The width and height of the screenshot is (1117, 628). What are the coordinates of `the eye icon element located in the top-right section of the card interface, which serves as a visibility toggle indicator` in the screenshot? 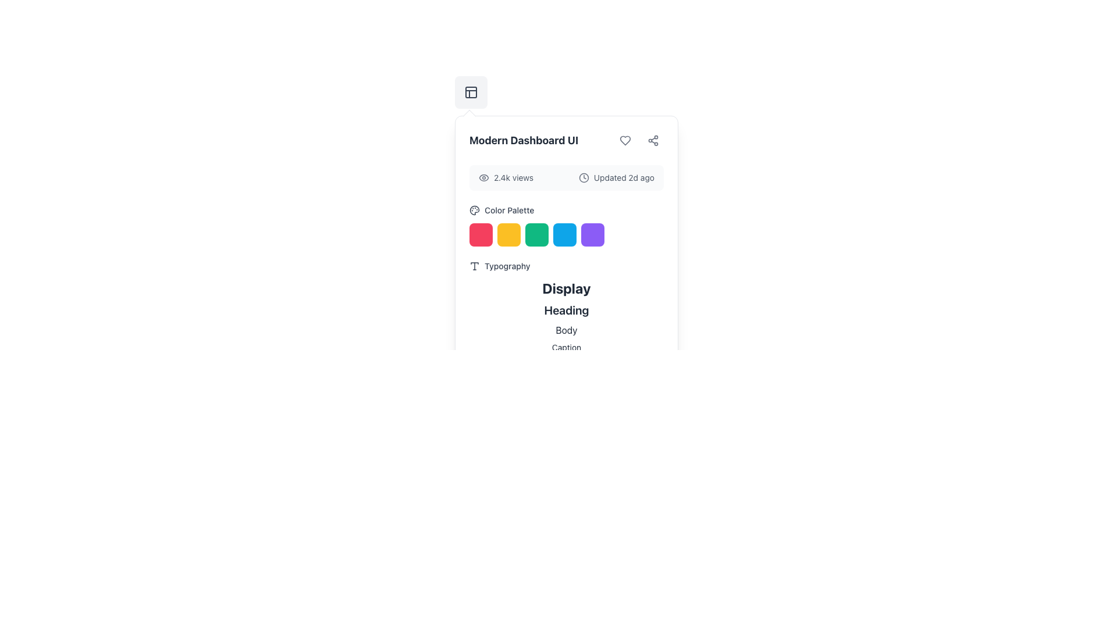 It's located at (483, 177).